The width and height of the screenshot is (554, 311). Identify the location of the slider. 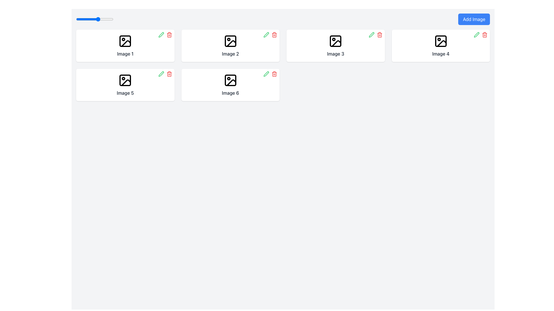
(98, 19).